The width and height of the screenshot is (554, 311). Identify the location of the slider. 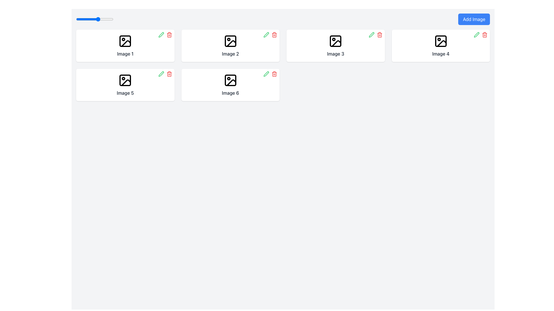
(98, 19).